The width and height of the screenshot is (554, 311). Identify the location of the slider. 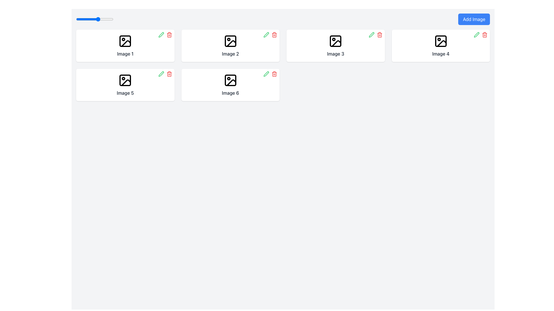
(98, 19).